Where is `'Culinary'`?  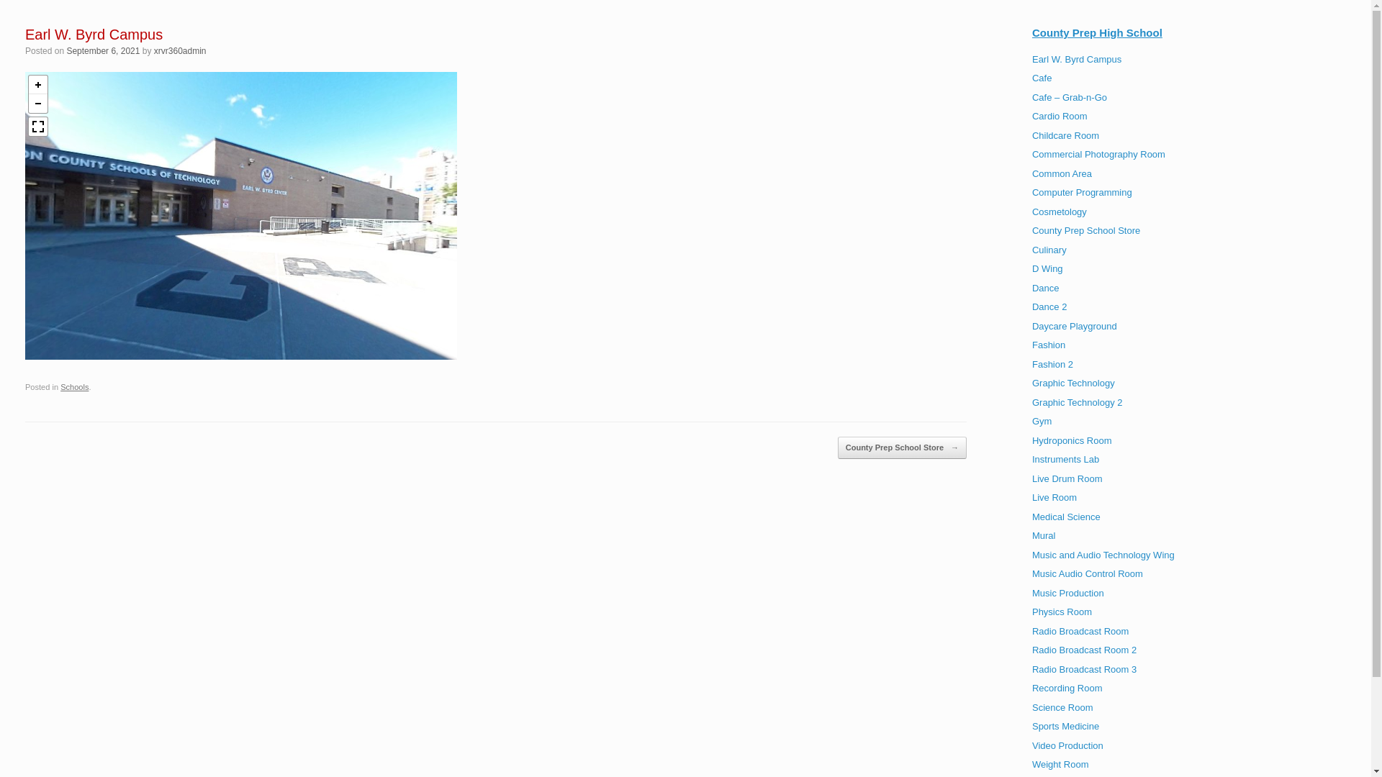 'Culinary' is located at coordinates (1031, 249).